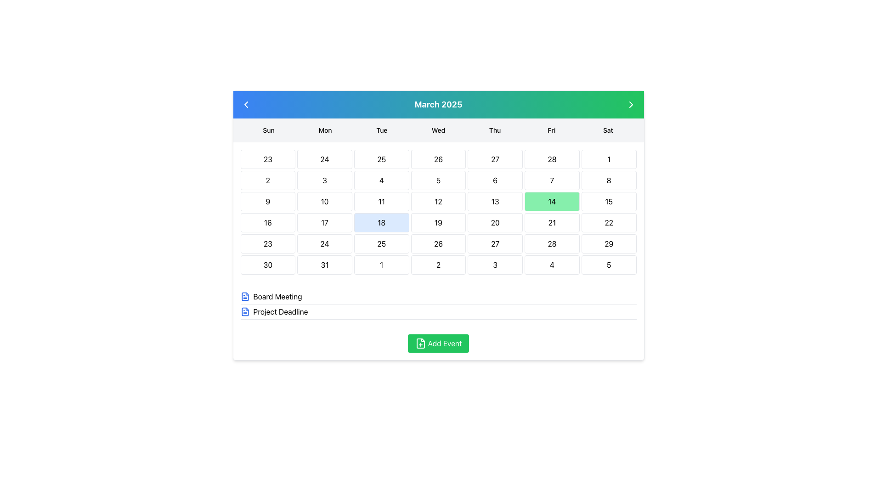  Describe the element at coordinates (245, 311) in the screenshot. I see `the 'Project Deadline' icon` at that location.